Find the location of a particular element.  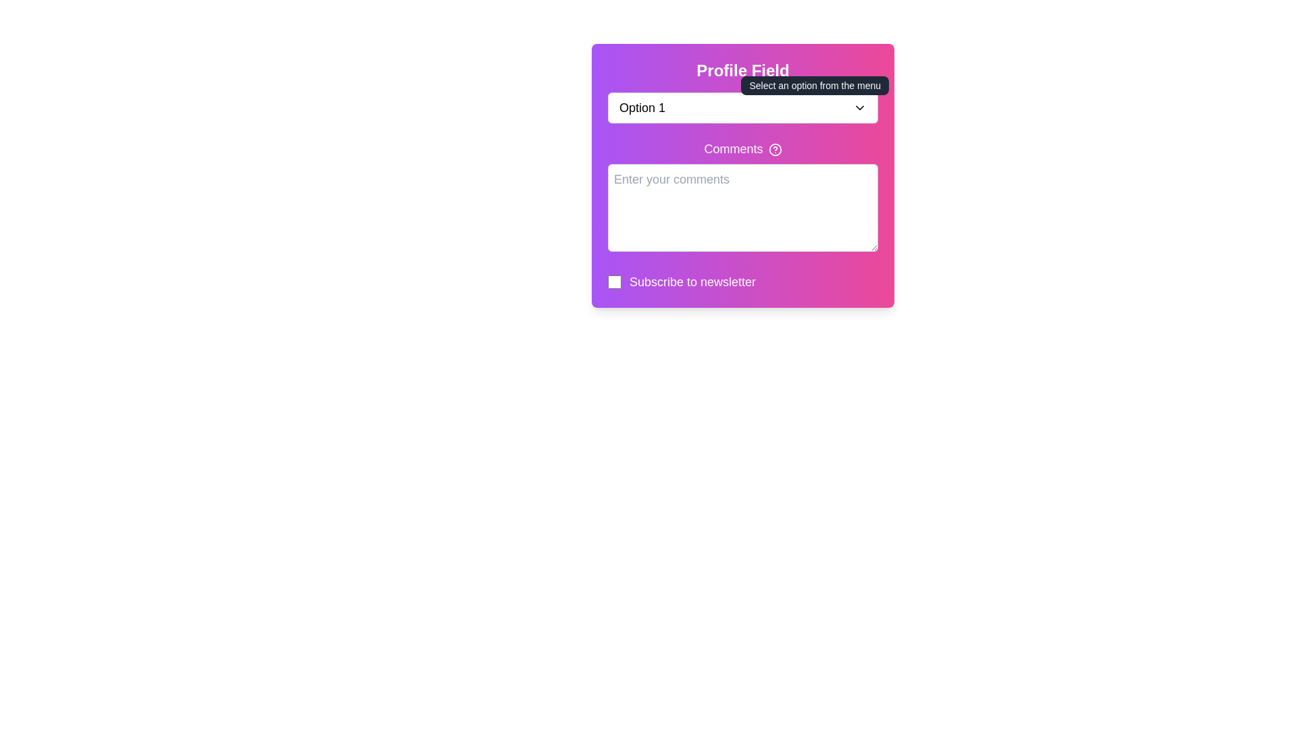

the circular Help or Information icon featuring a question mark, which is positioned directly to the right of the 'Comments' label within the form section is located at coordinates (775, 150).